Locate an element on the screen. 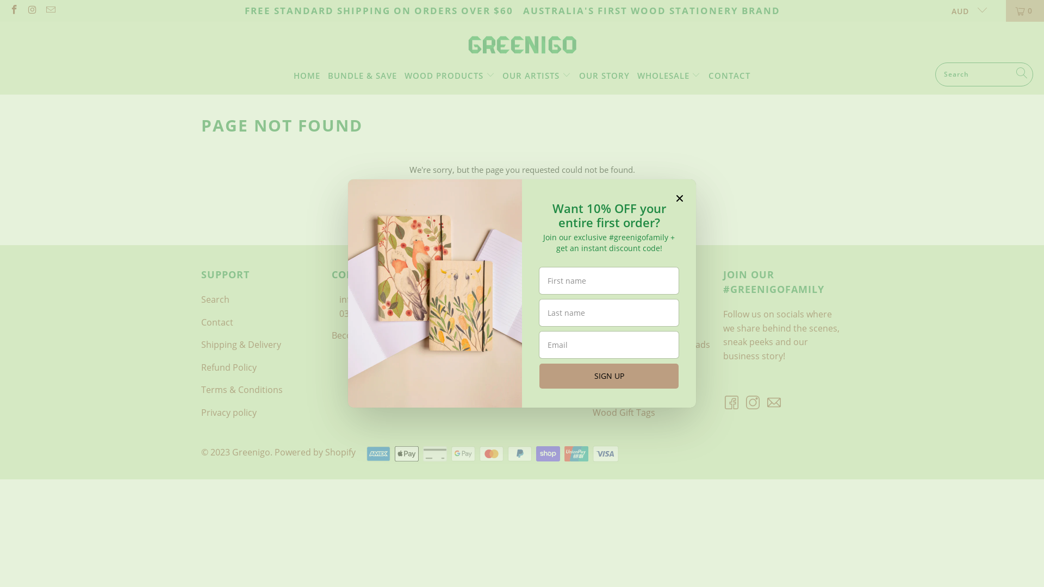 The width and height of the screenshot is (1044, 587). 'Become A Stockist' is located at coordinates (369, 335).